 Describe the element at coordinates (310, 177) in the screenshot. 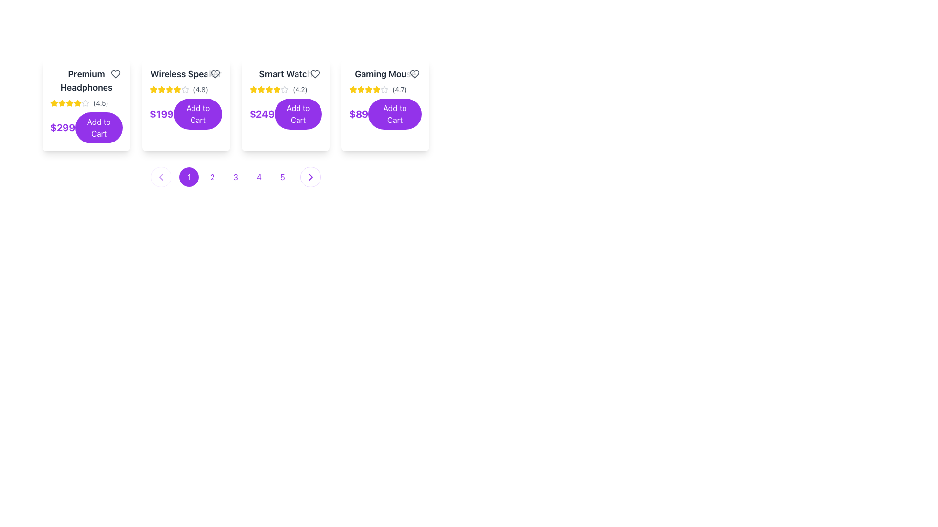

I see `the pagination button located at the far right of the page numbers` at that location.